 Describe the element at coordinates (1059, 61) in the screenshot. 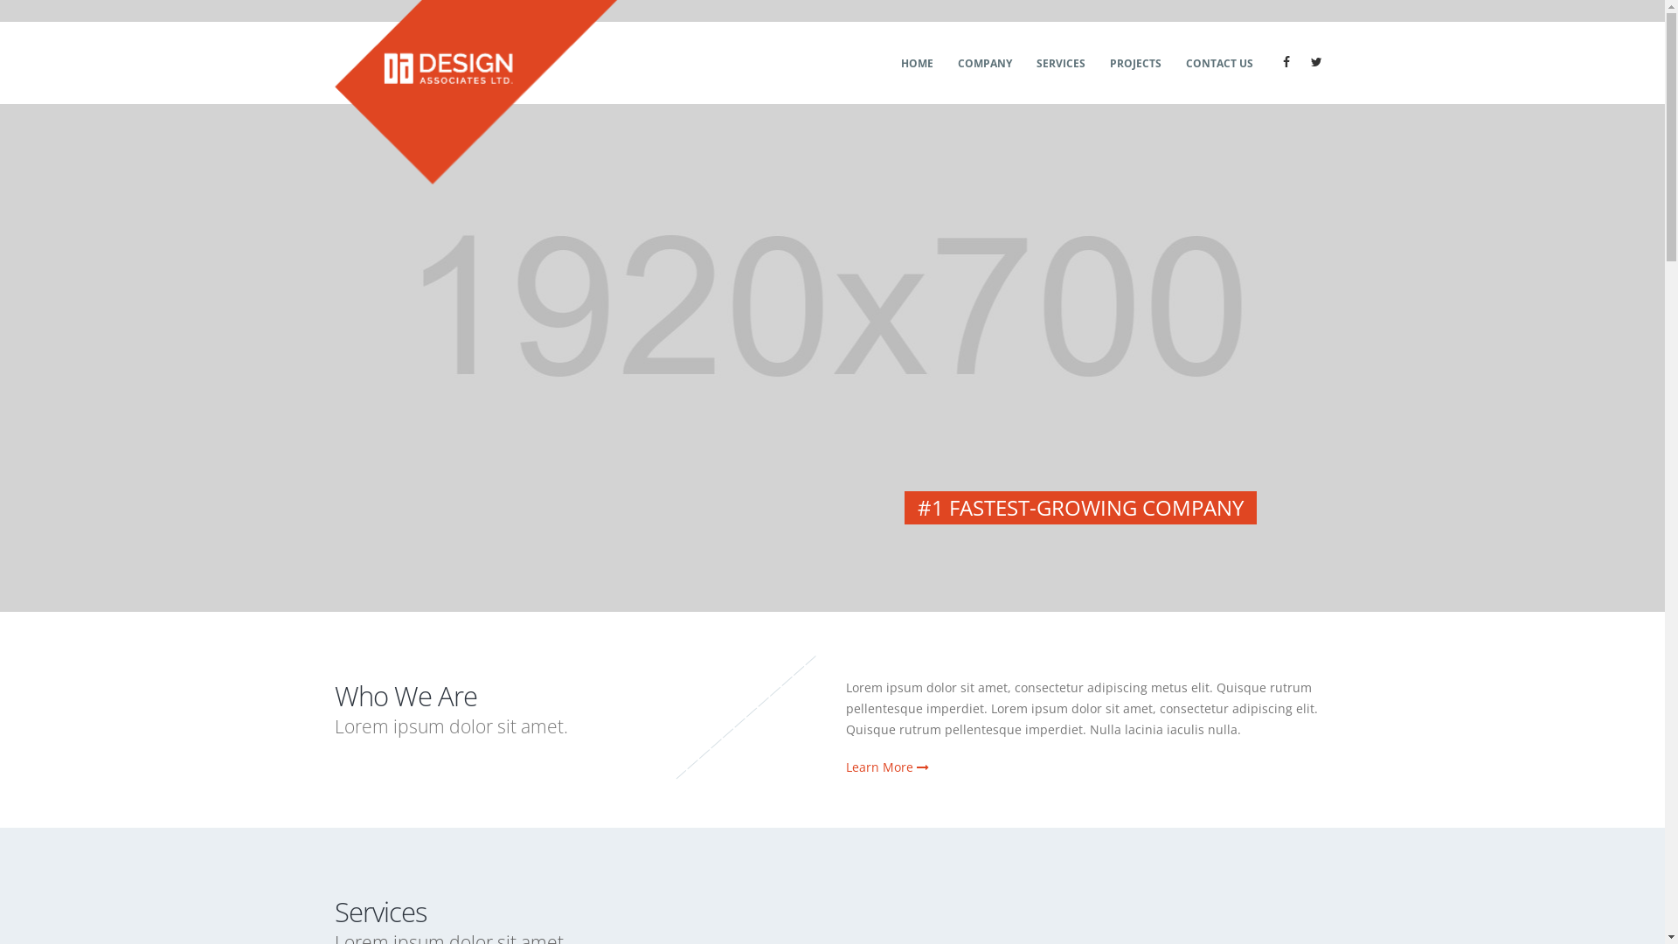

I see `'SERVICES'` at that location.